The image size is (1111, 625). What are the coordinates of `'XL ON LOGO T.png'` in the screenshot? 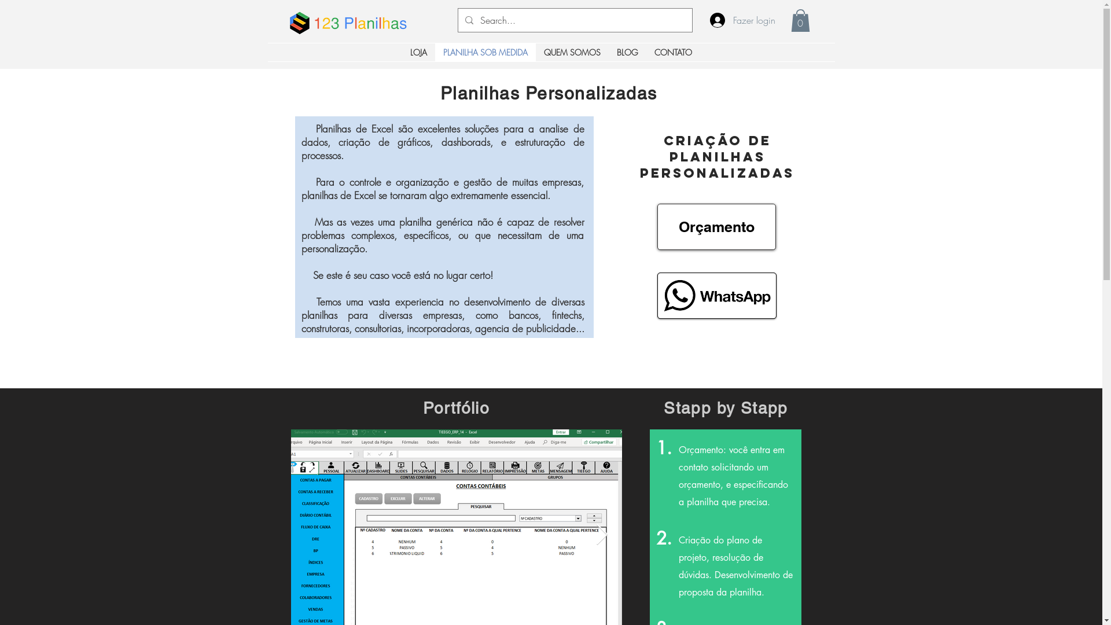 It's located at (299, 20).